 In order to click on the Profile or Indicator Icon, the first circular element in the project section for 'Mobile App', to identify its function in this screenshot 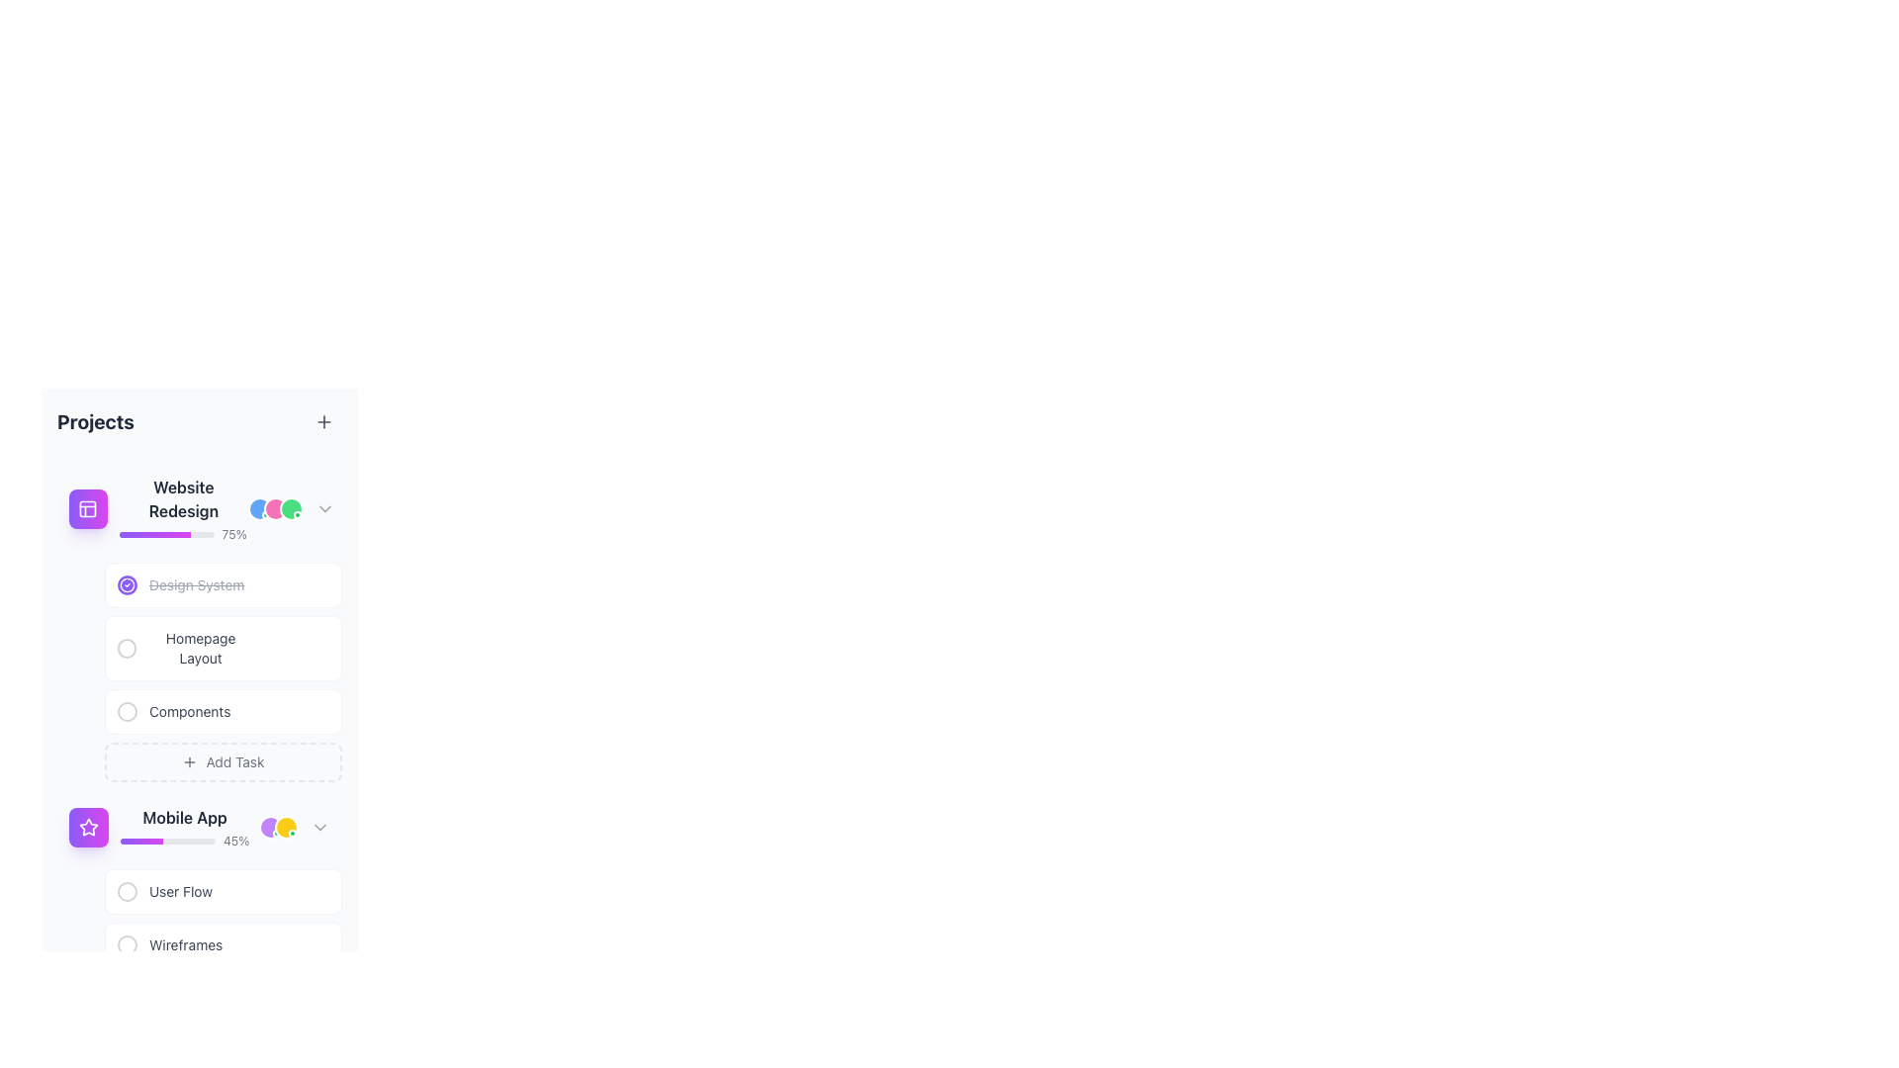, I will do `click(269, 828)`.